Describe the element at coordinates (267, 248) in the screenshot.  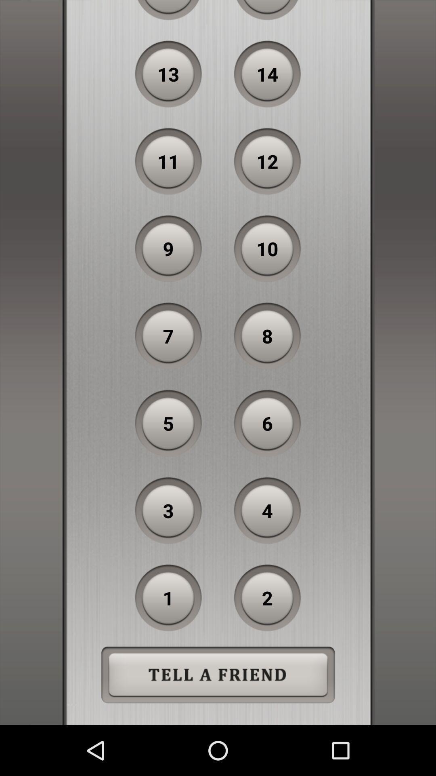
I see `the icon above 8 button` at that location.